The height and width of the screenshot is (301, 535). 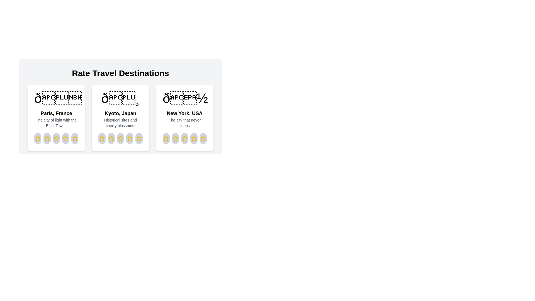 What do you see at coordinates (120, 98) in the screenshot?
I see `the image of the destination Kyoto, Japan` at bounding box center [120, 98].